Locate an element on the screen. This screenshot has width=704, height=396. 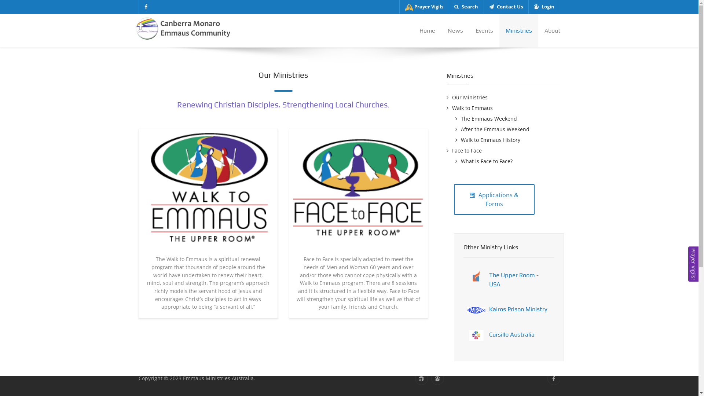
'What is Face to Face?' is located at coordinates (484, 161).